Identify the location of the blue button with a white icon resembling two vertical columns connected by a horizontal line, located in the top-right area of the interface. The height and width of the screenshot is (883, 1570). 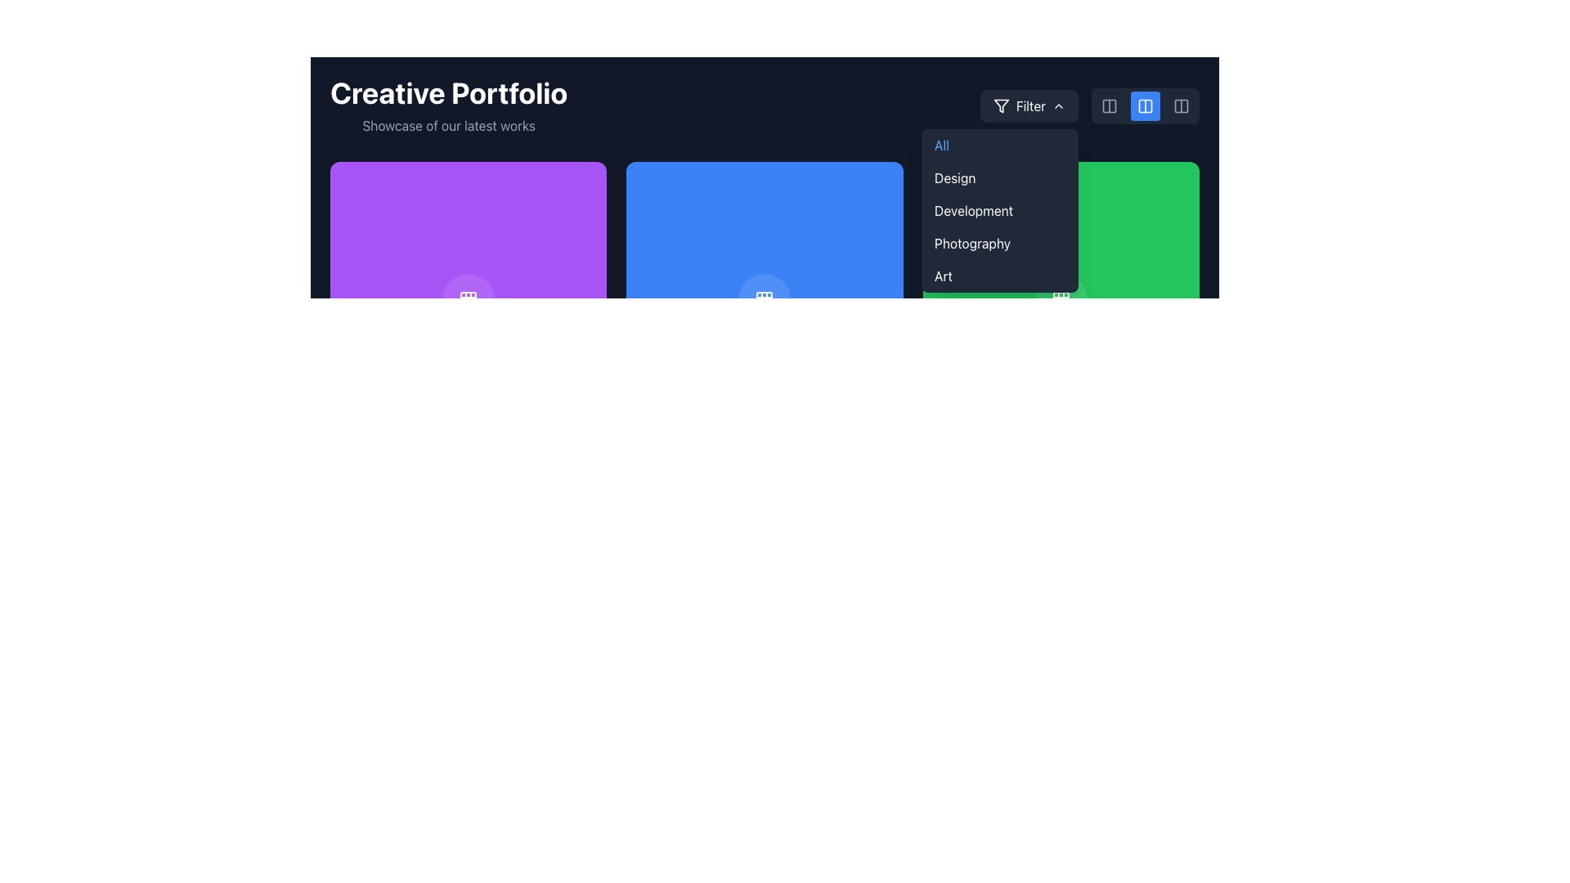
(1145, 106).